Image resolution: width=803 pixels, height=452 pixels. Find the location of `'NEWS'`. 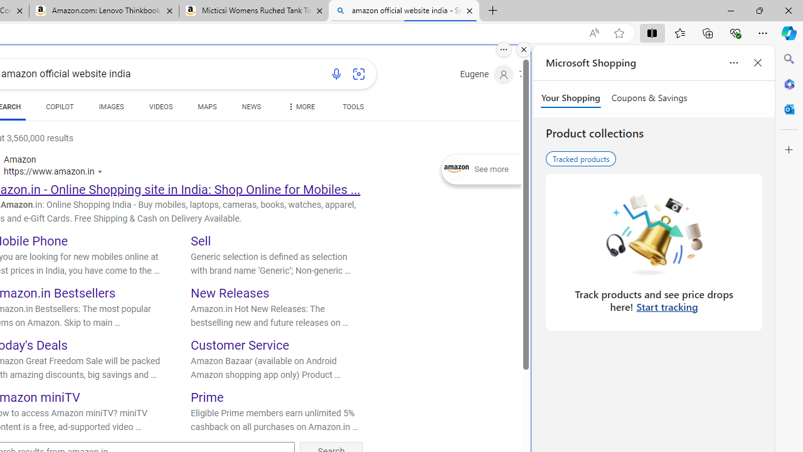

'NEWS' is located at coordinates (251, 107).